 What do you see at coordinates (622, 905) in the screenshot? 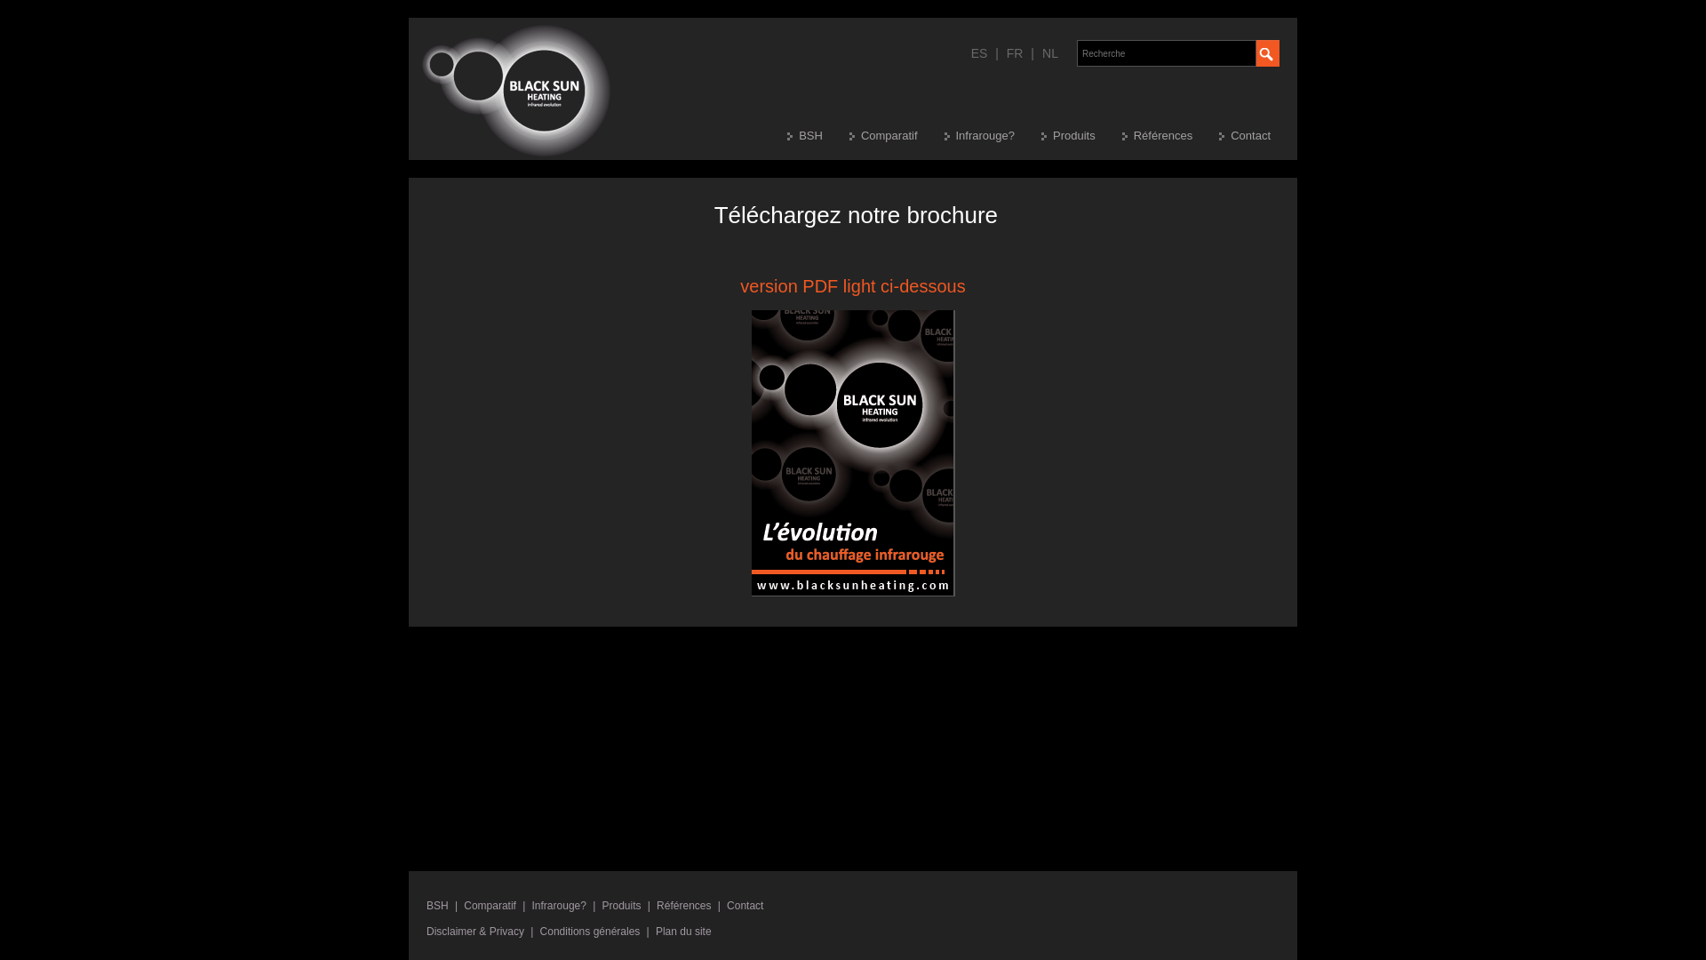
I see `'Produits'` at bounding box center [622, 905].